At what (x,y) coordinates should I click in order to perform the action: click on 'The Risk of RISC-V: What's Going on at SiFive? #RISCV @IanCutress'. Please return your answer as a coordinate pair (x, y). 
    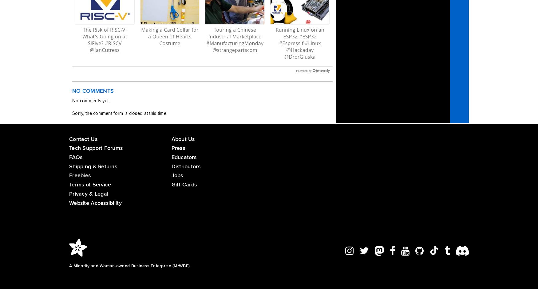
    Looking at the image, I should click on (105, 40).